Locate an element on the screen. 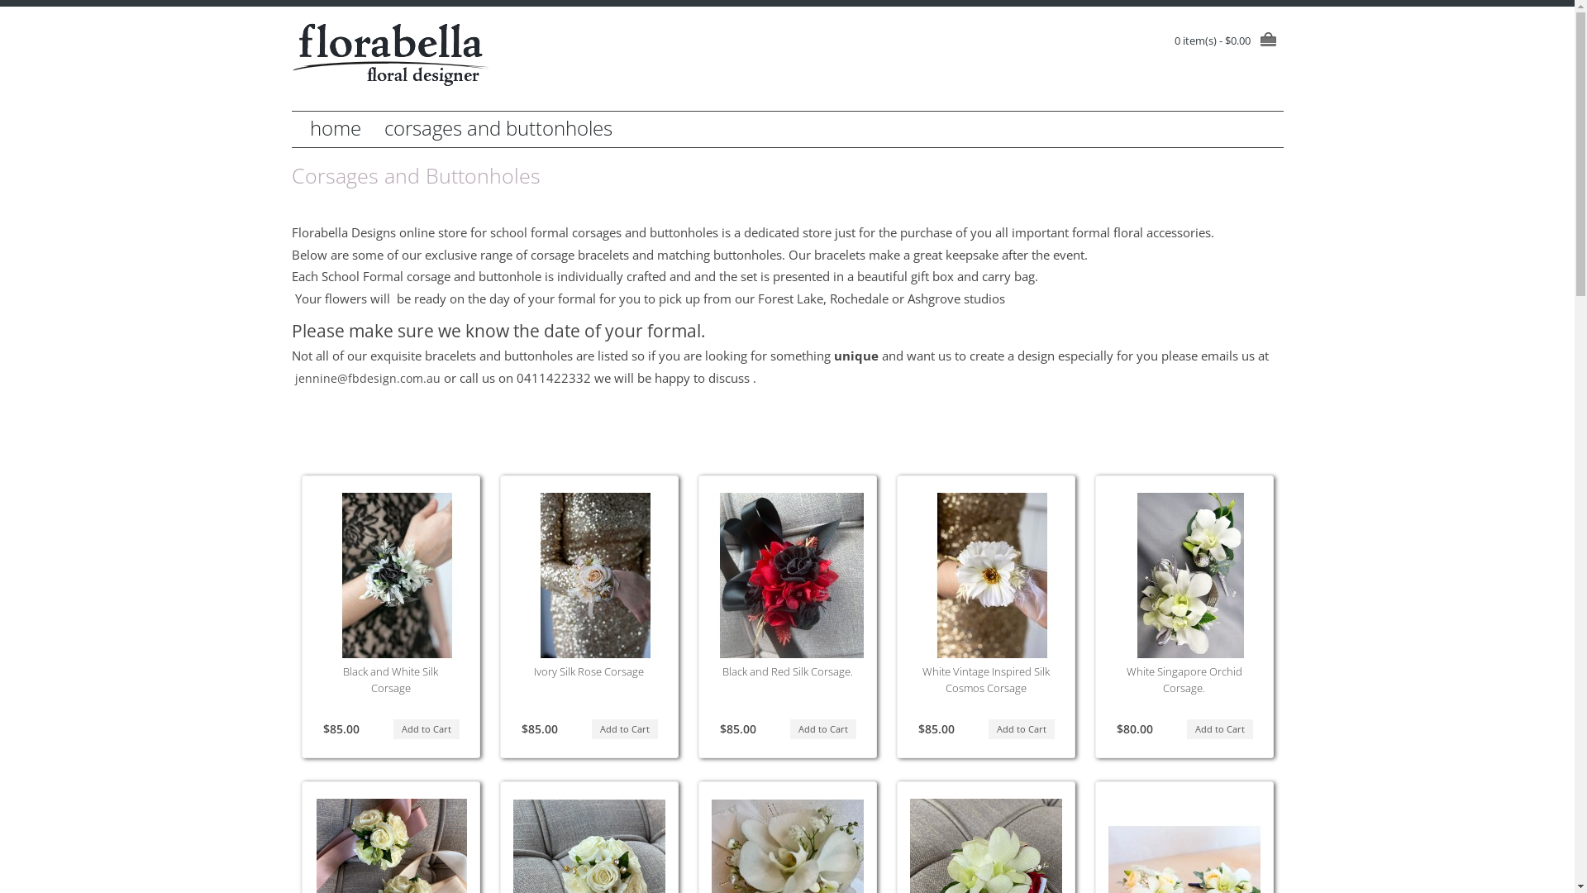 The image size is (1587, 893). 'Add to Cart' is located at coordinates (624, 728).